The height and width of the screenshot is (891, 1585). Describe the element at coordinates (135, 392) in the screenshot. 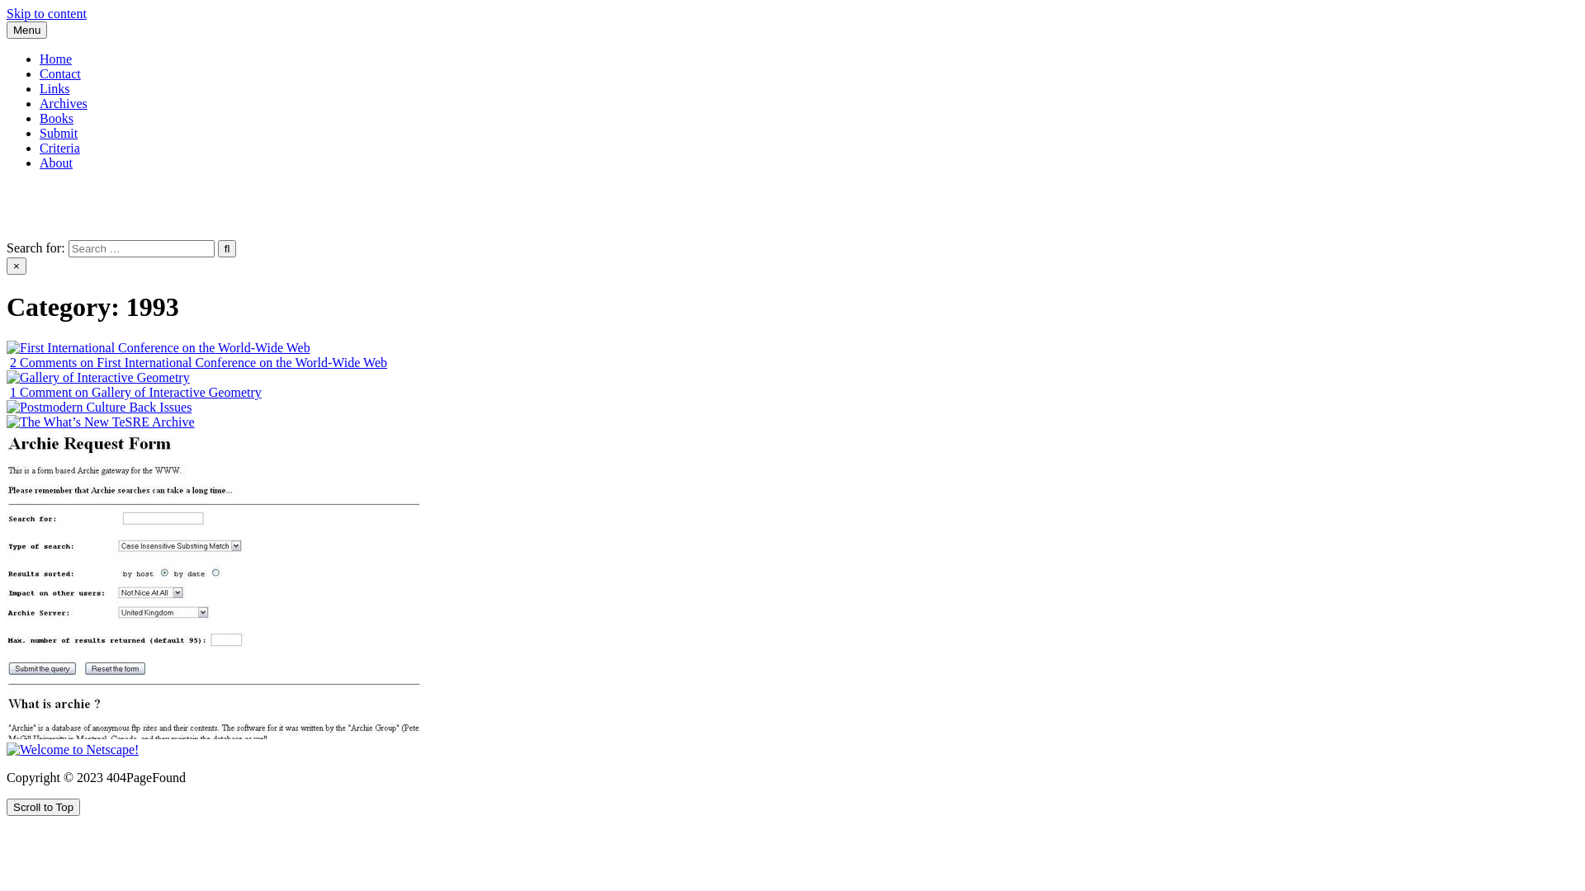

I see `'1 Comment on Gallery of Interactive Geometry'` at that location.